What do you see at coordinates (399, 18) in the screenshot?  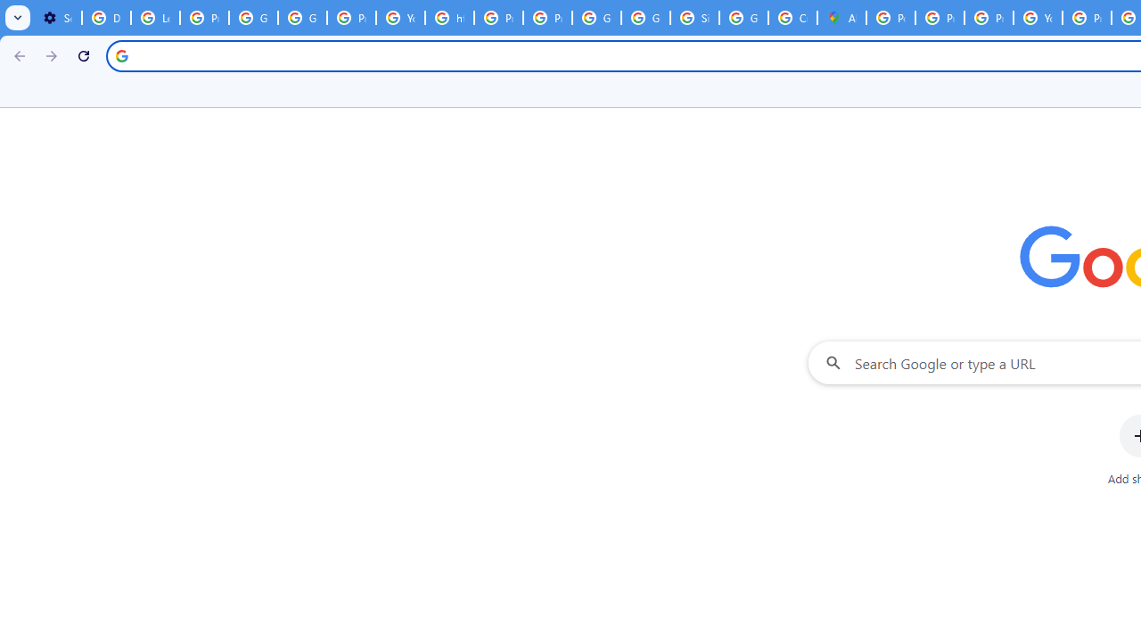 I see `'YouTube'` at bounding box center [399, 18].